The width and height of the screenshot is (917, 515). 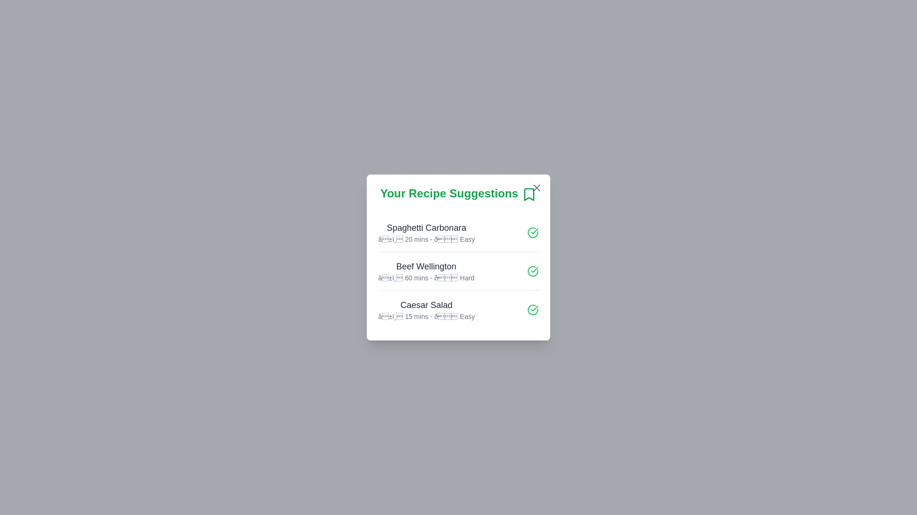 What do you see at coordinates (533, 309) in the screenshot?
I see `the check icon for the recipe Caesar Salad` at bounding box center [533, 309].